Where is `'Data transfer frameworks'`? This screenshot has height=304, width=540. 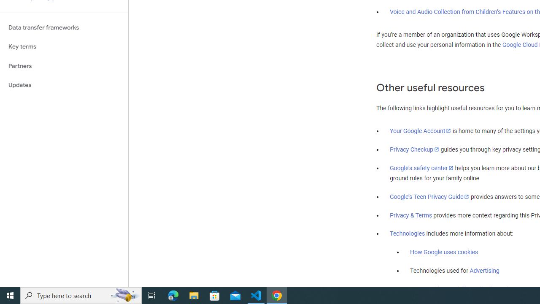
'Data transfer frameworks' is located at coordinates (64, 27).